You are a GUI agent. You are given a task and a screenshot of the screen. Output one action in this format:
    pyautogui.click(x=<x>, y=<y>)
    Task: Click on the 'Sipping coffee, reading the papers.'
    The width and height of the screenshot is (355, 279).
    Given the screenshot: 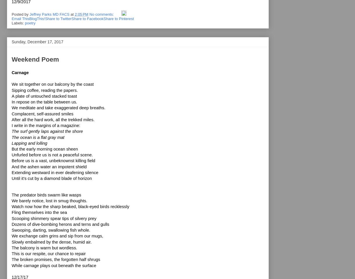 What is the action you would take?
    pyautogui.click(x=44, y=90)
    